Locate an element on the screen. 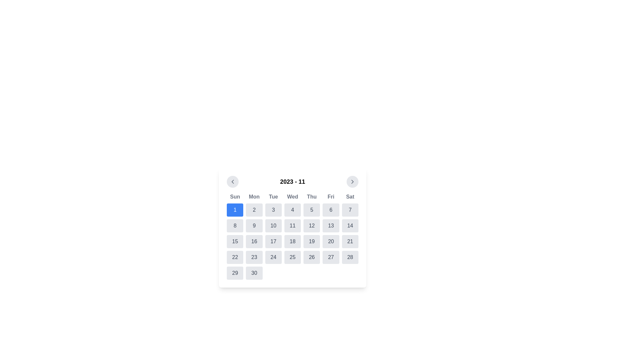  the 'Sunday' text label, which is the first column label in the calendar grid located at the top of the calendar view is located at coordinates (235, 196).